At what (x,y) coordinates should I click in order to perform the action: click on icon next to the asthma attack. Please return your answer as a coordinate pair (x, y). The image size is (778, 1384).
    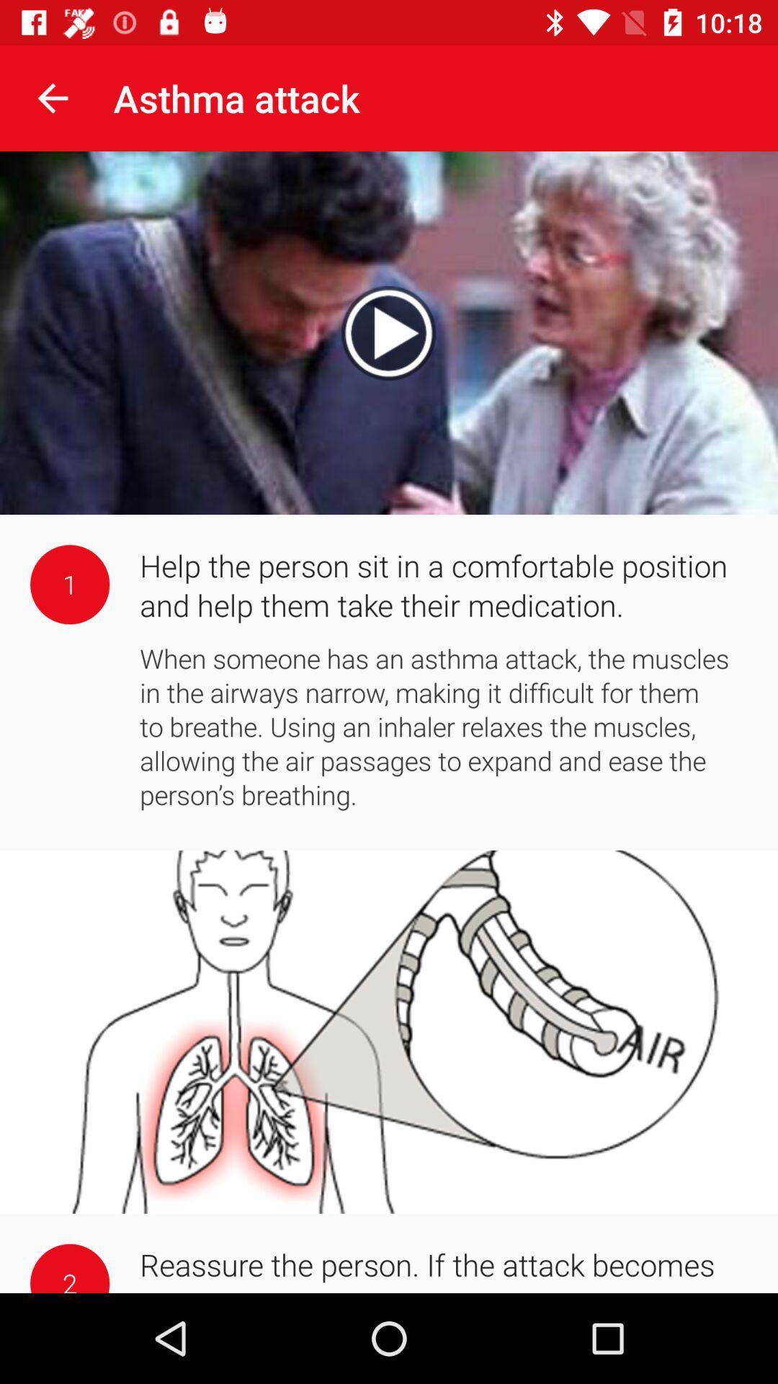
    Looking at the image, I should click on (52, 97).